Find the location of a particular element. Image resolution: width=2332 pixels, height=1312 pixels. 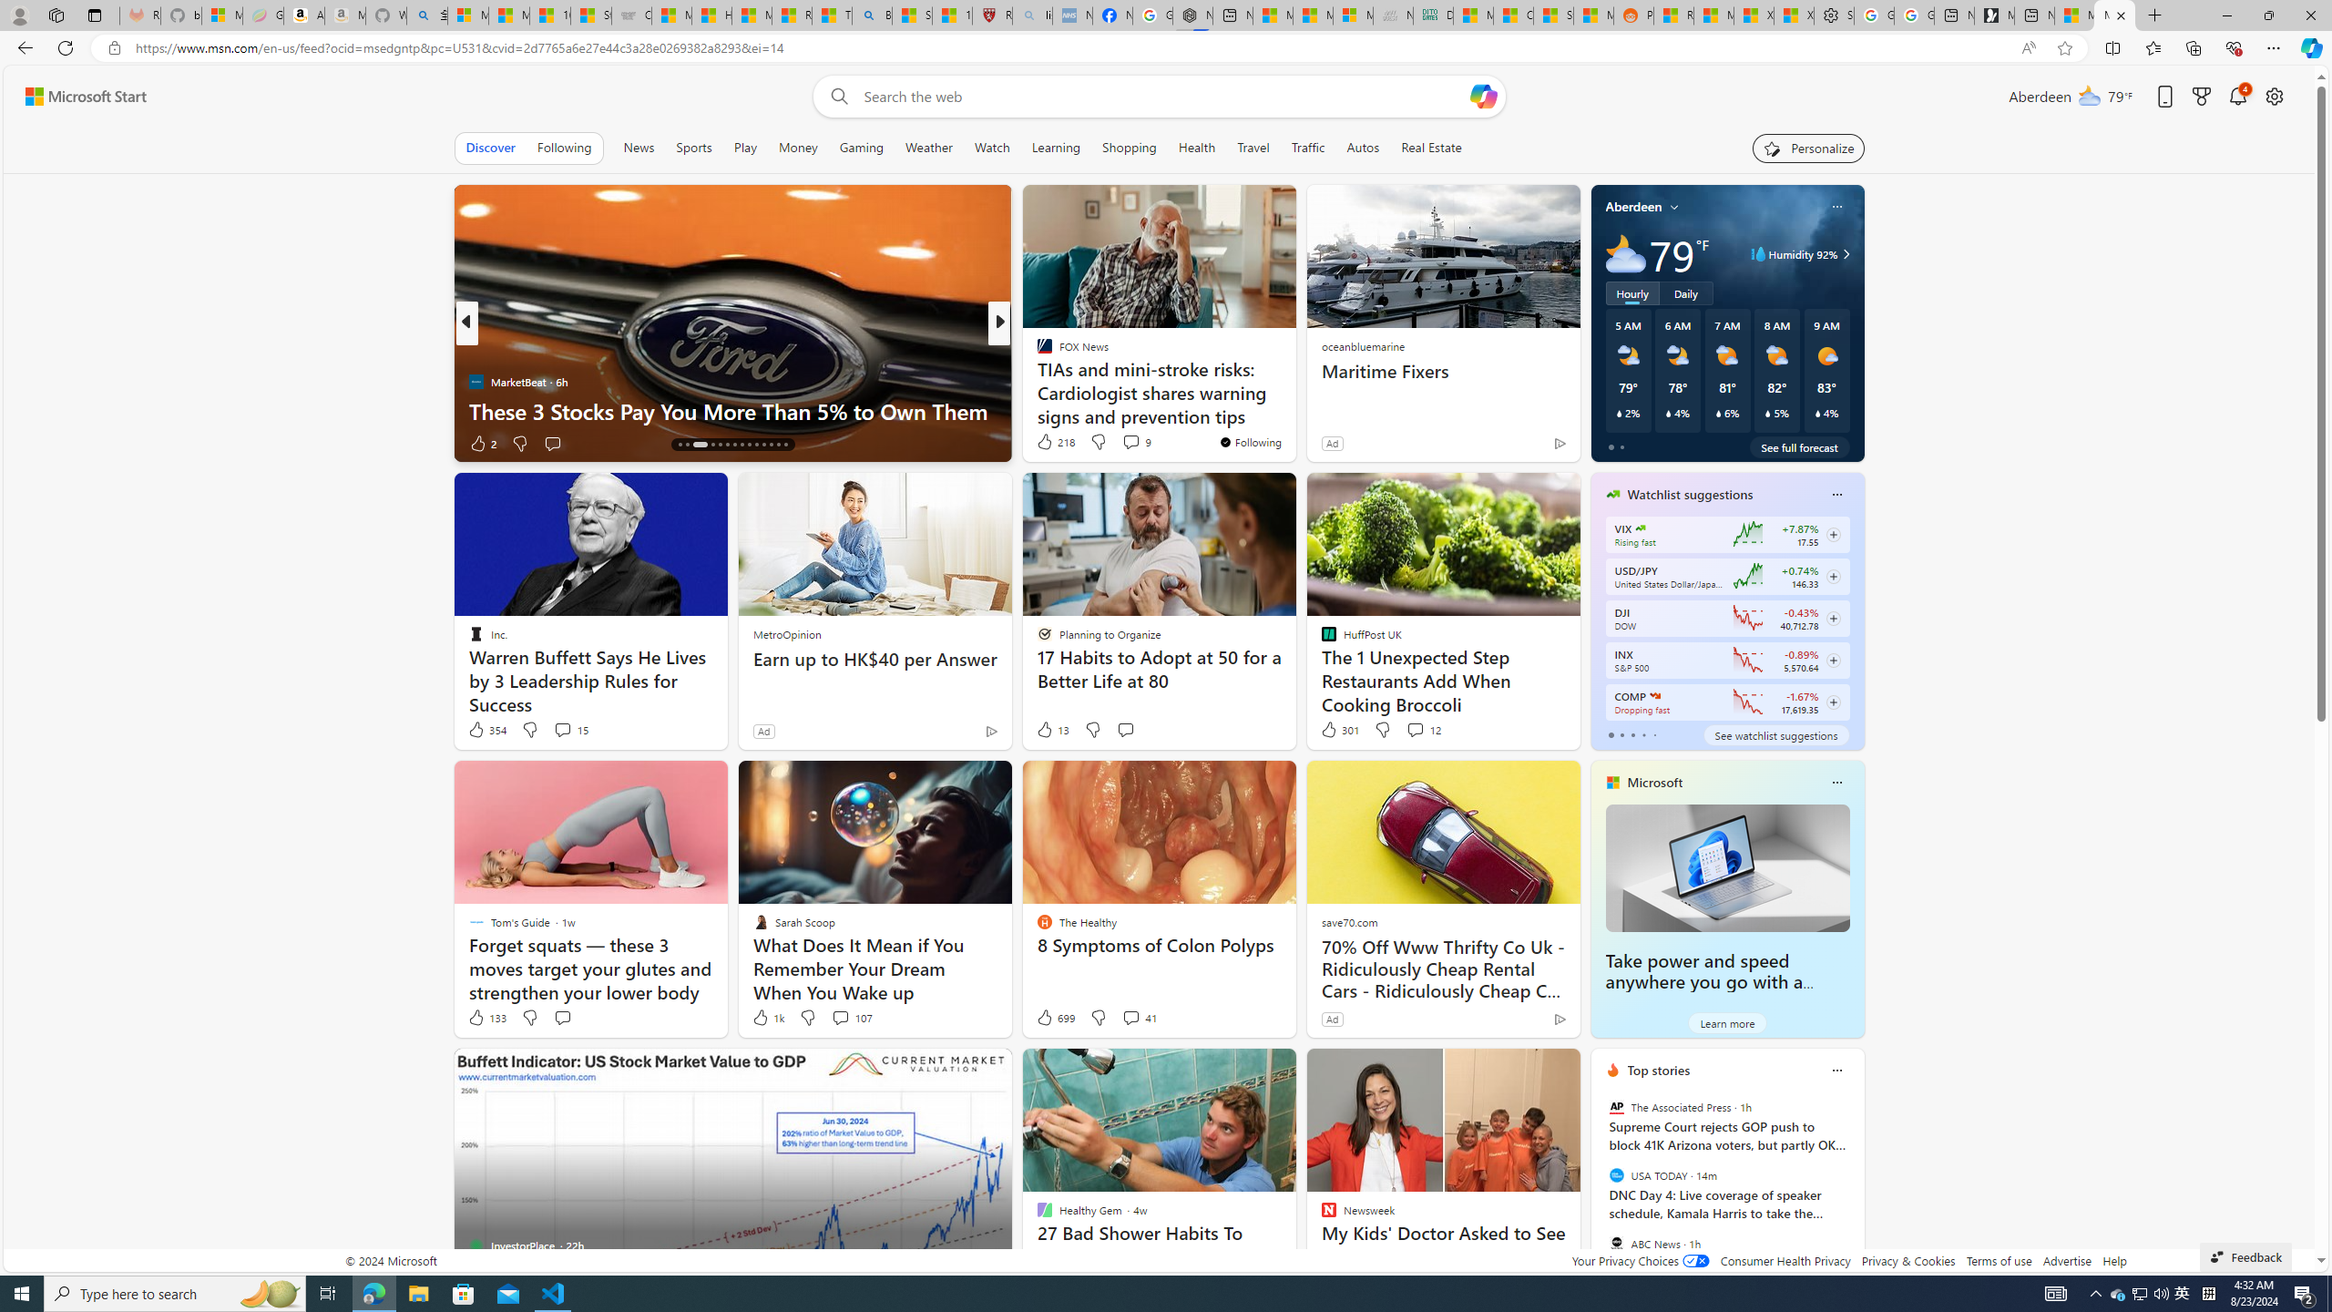

'Robert H. Shmerling, MD - Harvard Health' is located at coordinates (992, 15).